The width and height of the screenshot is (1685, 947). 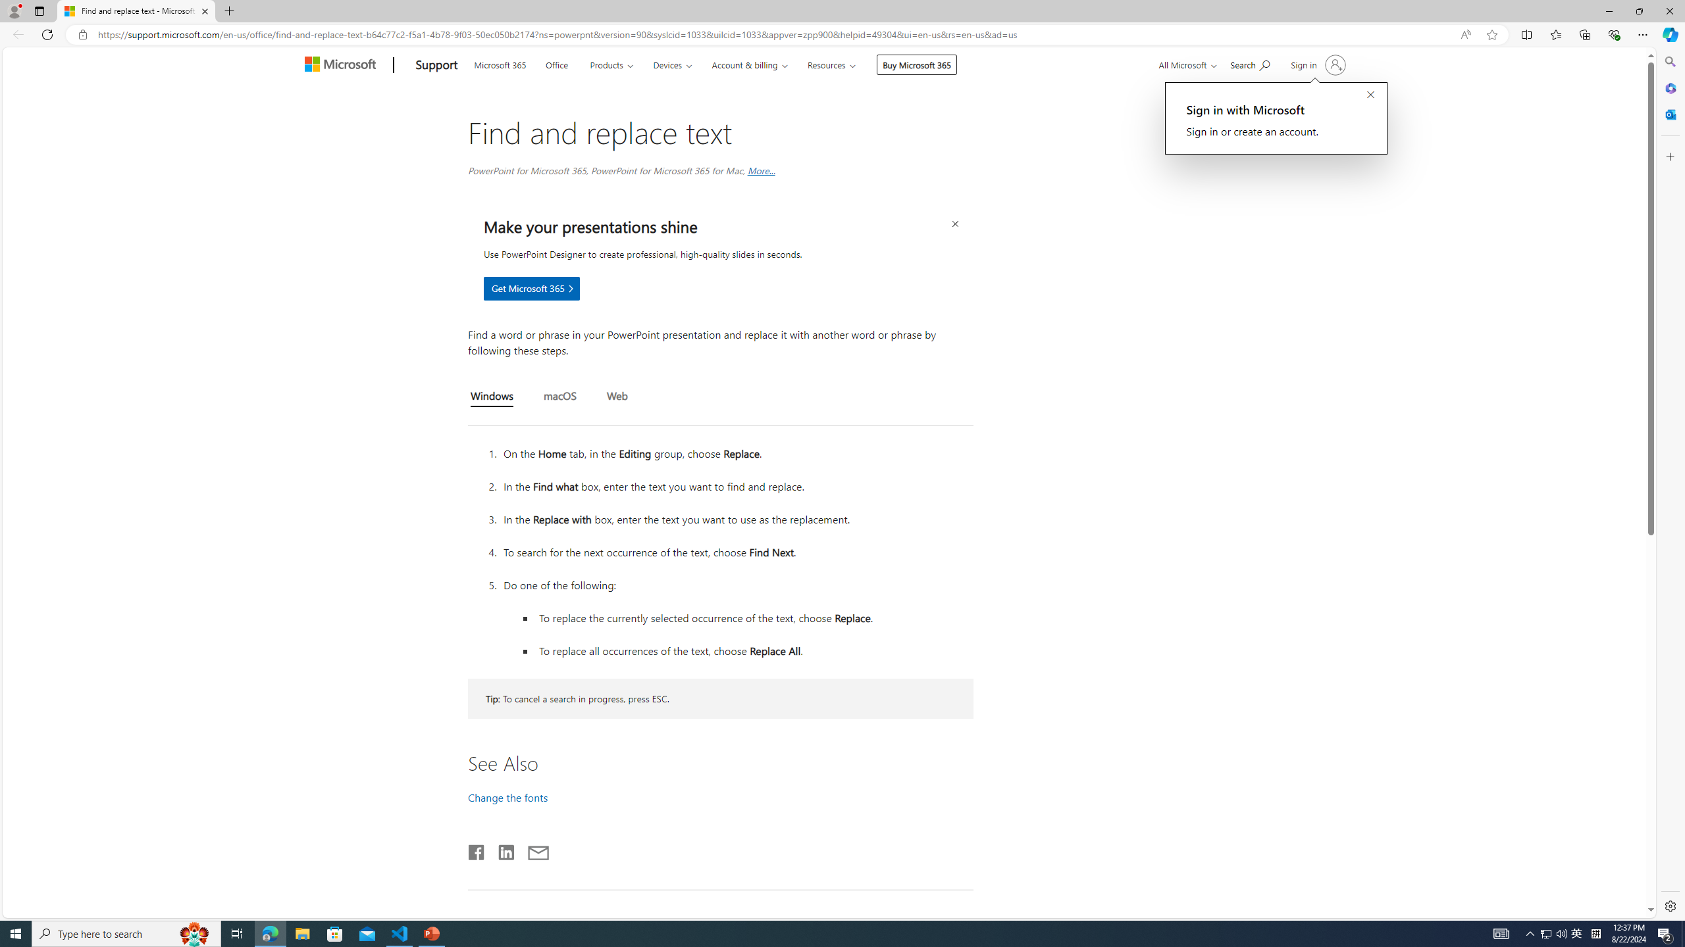 I want to click on 'Split screen', so click(x=1526, y=34).